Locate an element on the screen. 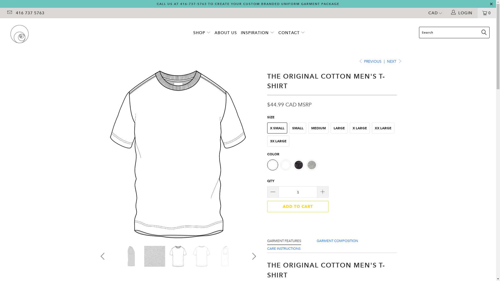 The width and height of the screenshot is (500, 281). '0' is located at coordinates (486, 13).